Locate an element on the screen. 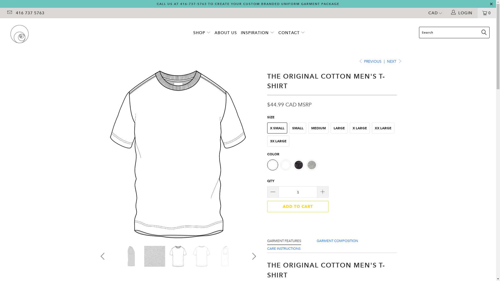 The width and height of the screenshot is (500, 281). '0' is located at coordinates (486, 13).